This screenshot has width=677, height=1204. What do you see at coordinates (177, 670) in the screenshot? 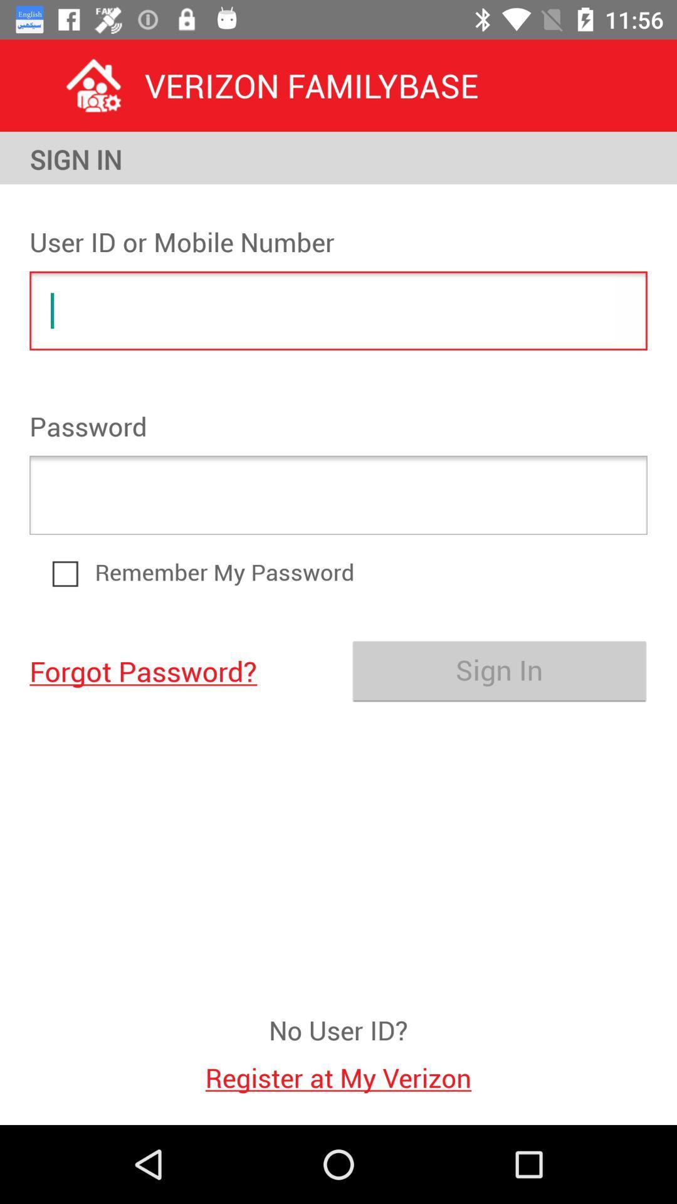
I see `icon next to sign in icon` at bounding box center [177, 670].